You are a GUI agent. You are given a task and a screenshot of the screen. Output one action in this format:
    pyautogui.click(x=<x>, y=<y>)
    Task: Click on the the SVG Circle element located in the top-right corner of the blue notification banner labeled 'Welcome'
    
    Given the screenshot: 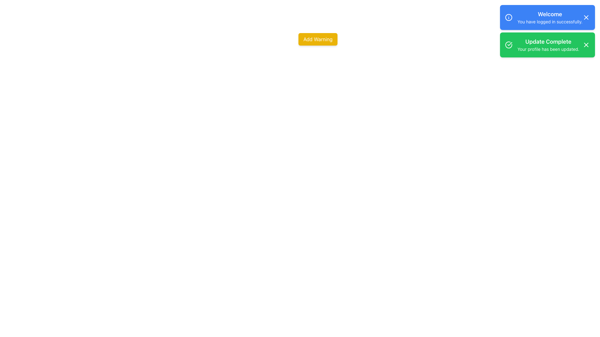 What is the action you would take?
    pyautogui.click(x=508, y=17)
    